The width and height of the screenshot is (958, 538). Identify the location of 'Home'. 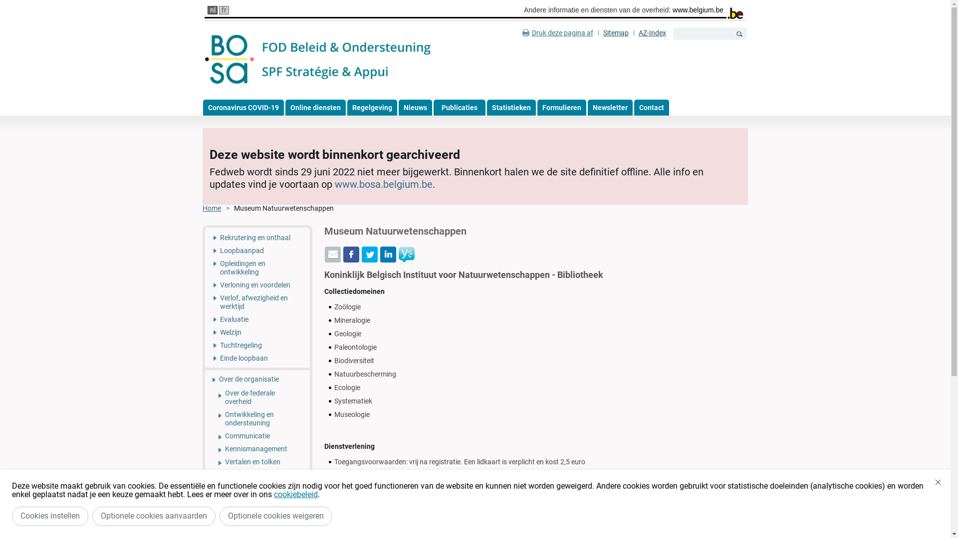
(218, 207).